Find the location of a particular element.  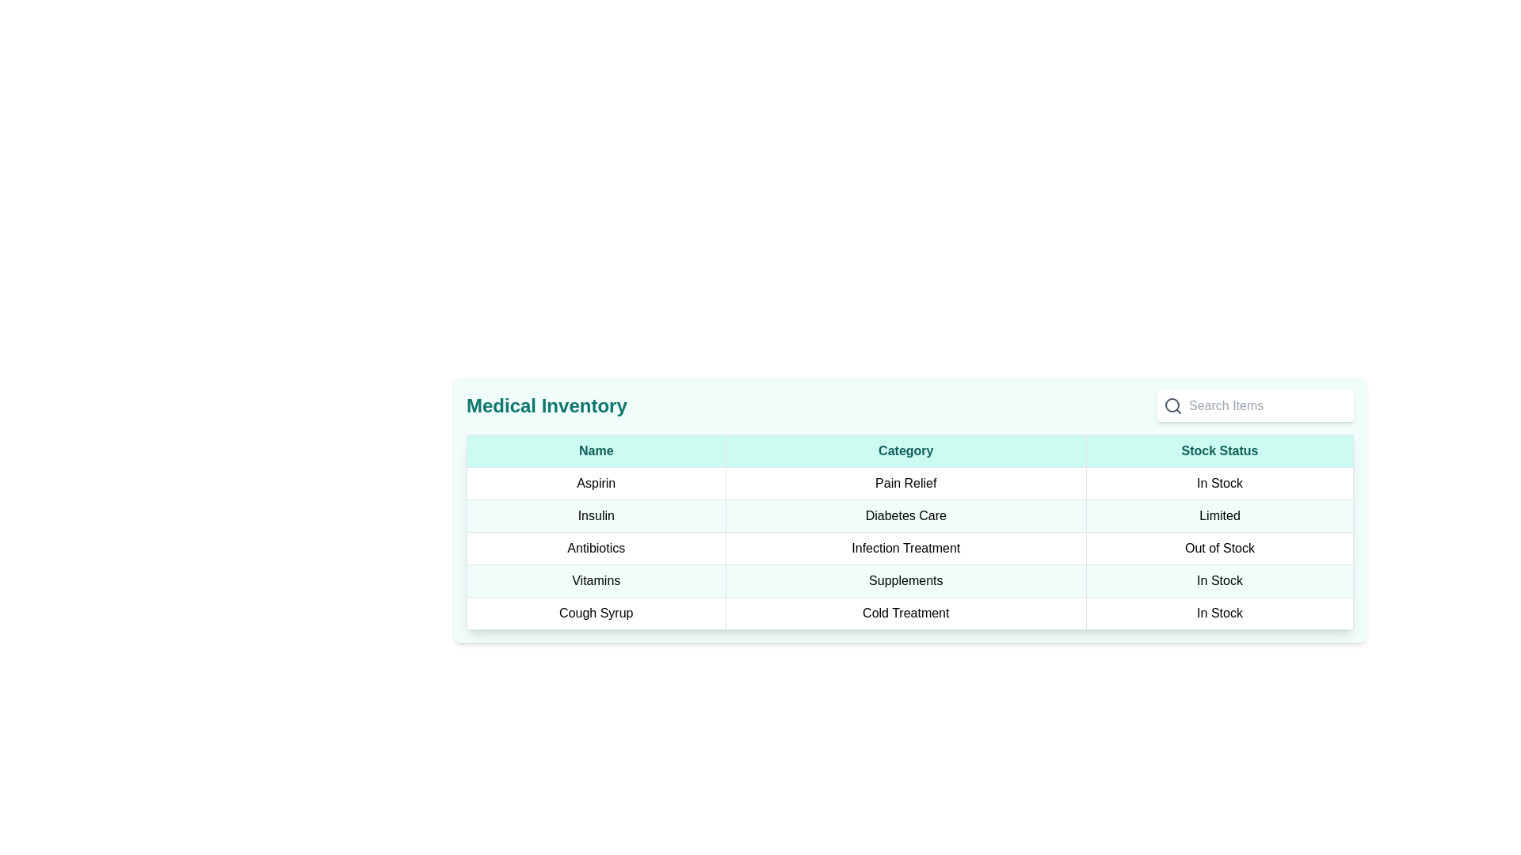

the table cell displaying 'Antibiotics', which is part of the 'Name' column in the third row of the medical inventory table is located at coordinates (595, 548).